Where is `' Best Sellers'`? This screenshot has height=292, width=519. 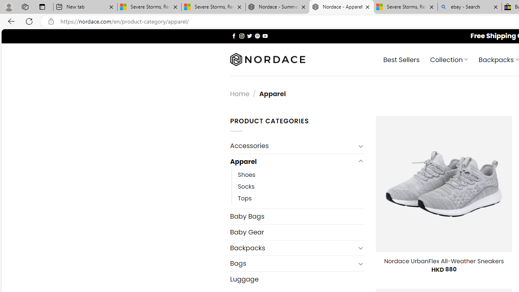 ' Best Sellers' is located at coordinates (401, 59).